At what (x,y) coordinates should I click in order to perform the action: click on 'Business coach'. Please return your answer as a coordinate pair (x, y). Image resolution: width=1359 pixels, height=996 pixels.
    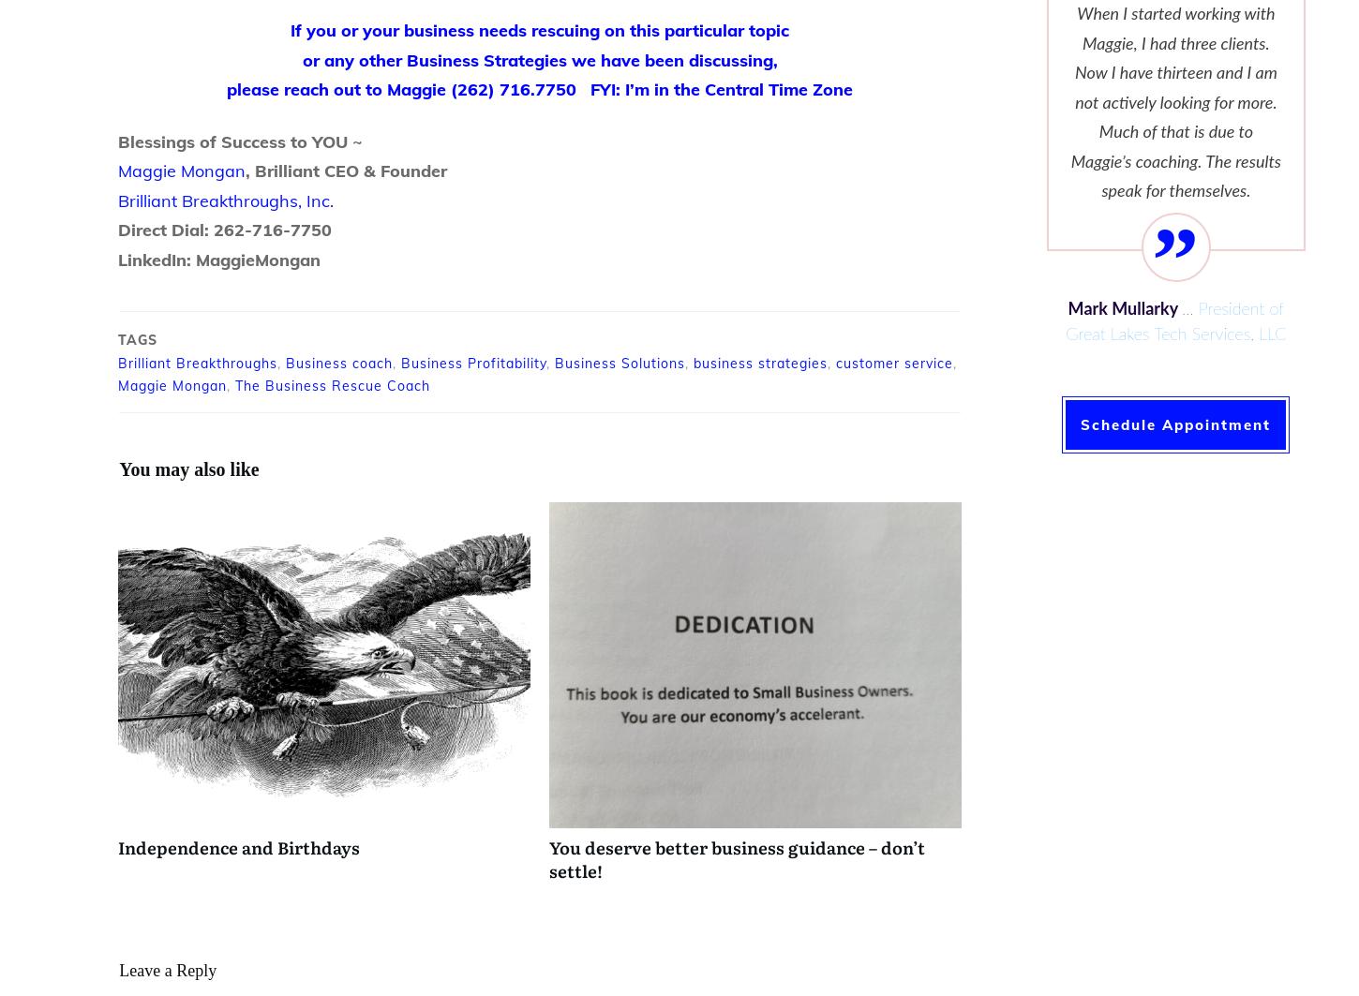
    Looking at the image, I should click on (339, 363).